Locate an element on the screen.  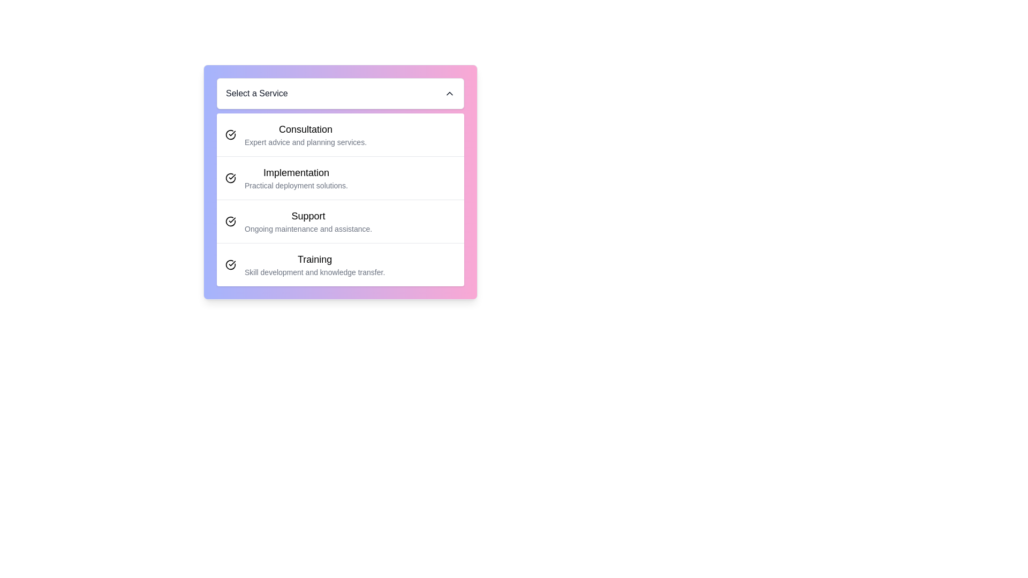
the descriptive text element that provides additional details for the 'Support' option, located below the 'Support' label in a vertical list is located at coordinates (308, 229).